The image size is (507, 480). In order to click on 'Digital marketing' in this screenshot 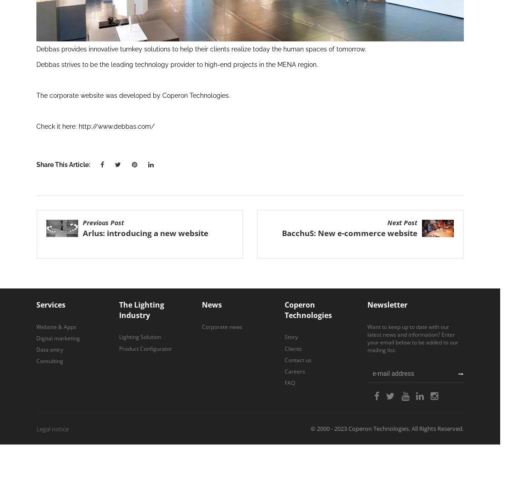, I will do `click(36, 338)`.